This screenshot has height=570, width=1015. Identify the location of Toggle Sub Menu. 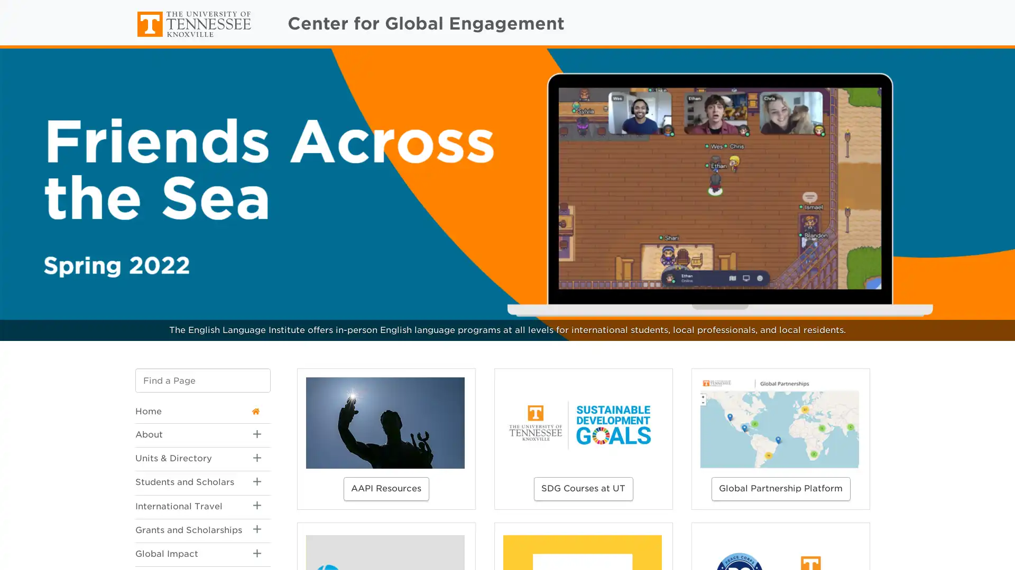
(256, 554).